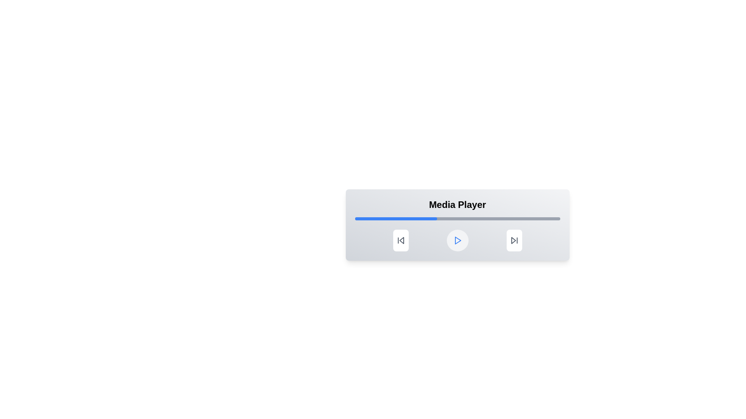  Describe the element at coordinates (457, 204) in the screenshot. I see `the 'Media Player' text label, which is styled with a bold and large font and located at the top of its containing card-like structure` at that location.